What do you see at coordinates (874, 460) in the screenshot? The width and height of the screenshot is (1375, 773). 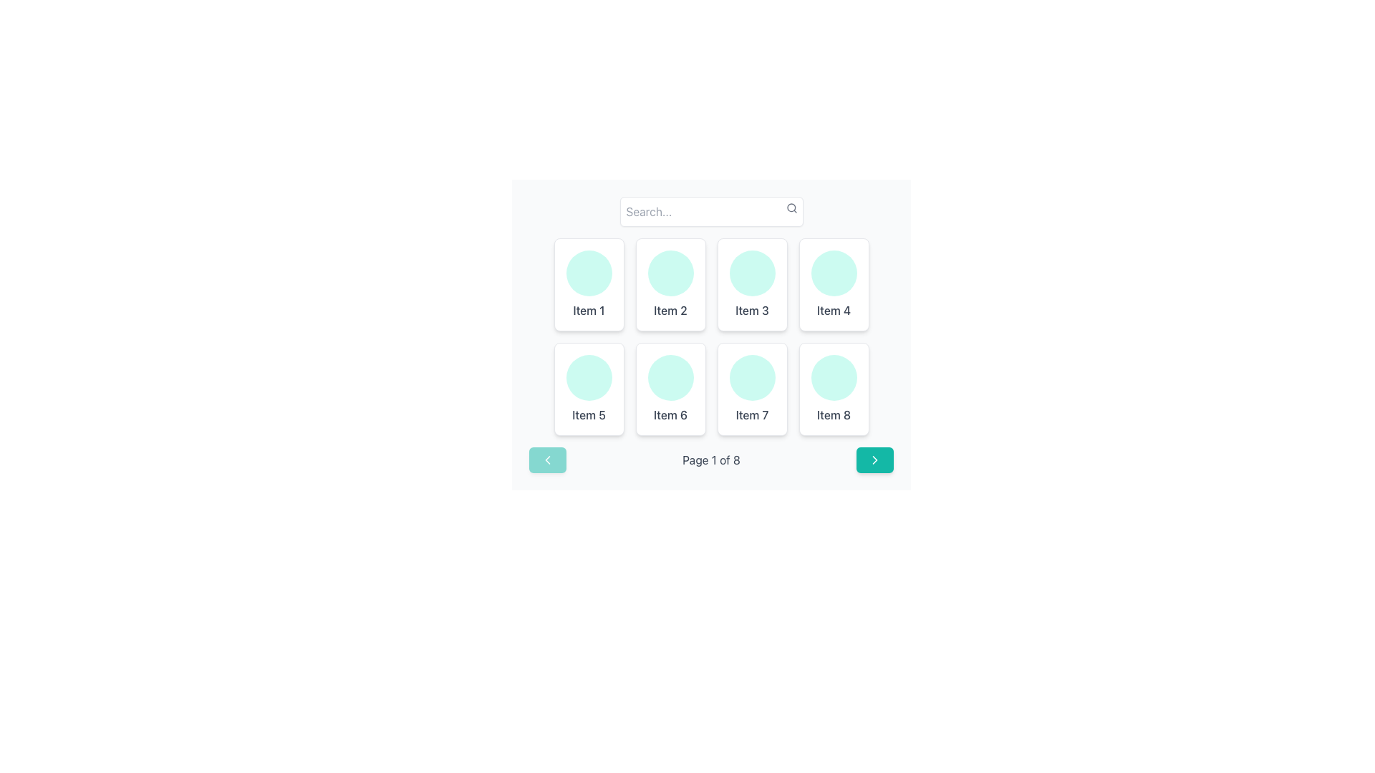 I see `the navigation button at the bottom right of the pagination controls` at bounding box center [874, 460].